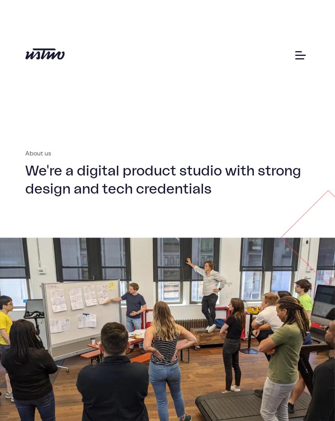  What do you see at coordinates (39, 181) in the screenshot?
I see `'Join us'` at bounding box center [39, 181].